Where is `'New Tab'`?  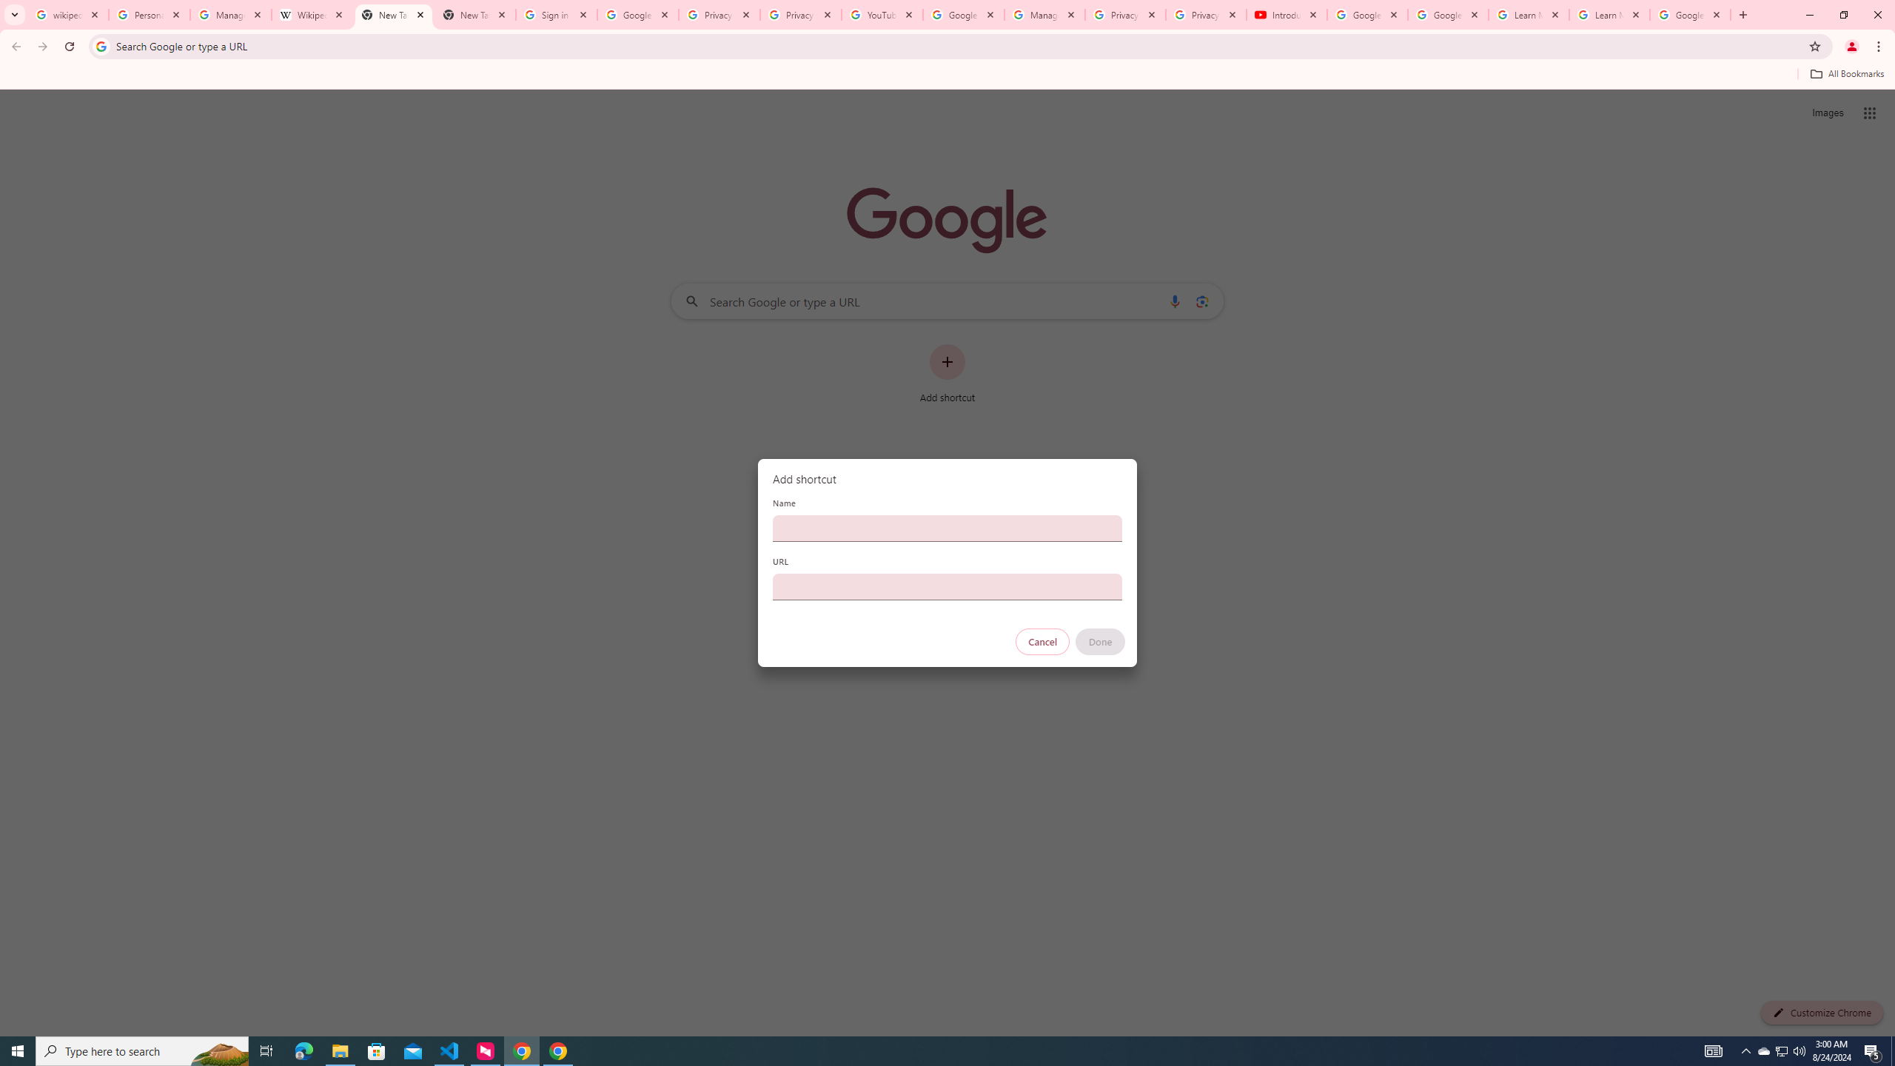 'New Tab' is located at coordinates (474, 14).